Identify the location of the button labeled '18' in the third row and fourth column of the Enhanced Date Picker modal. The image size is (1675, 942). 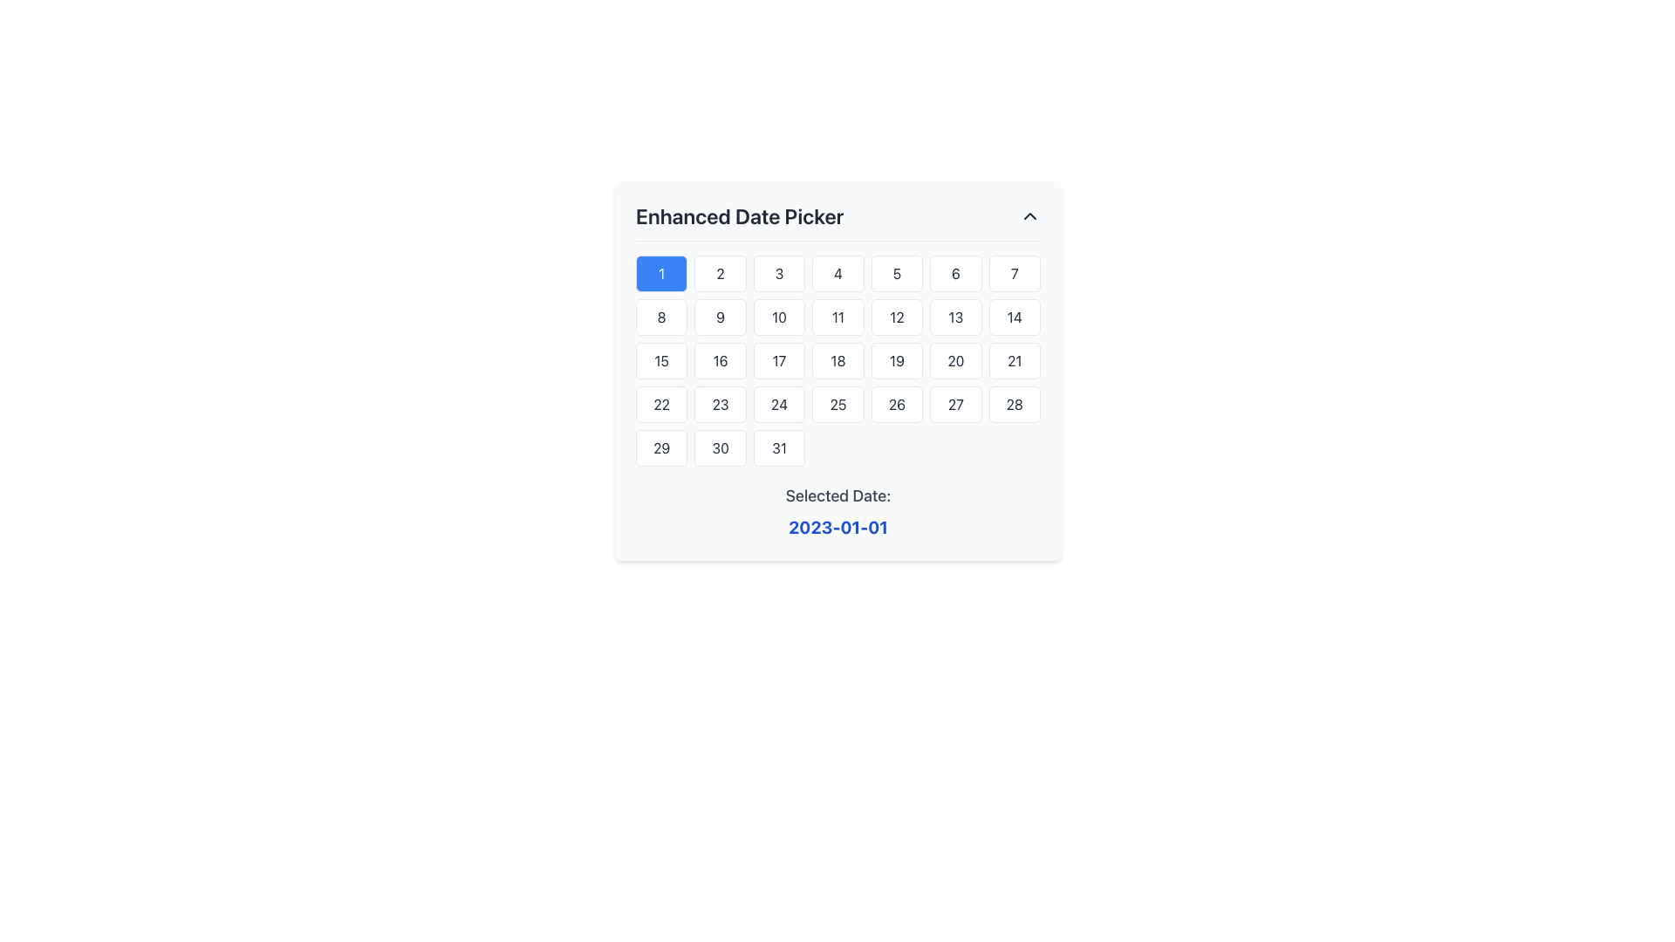
(837, 359).